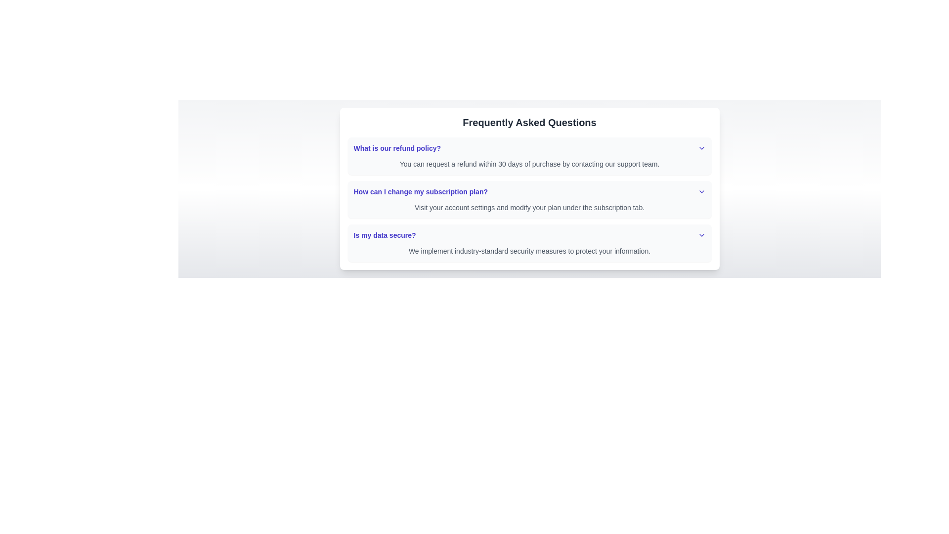  Describe the element at coordinates (529, 163) in the screenshot. I see `the text providing additional information about the refund policy, which is located beneath the question heading 'What is our refund policy?' in the FAQ section` at that location.